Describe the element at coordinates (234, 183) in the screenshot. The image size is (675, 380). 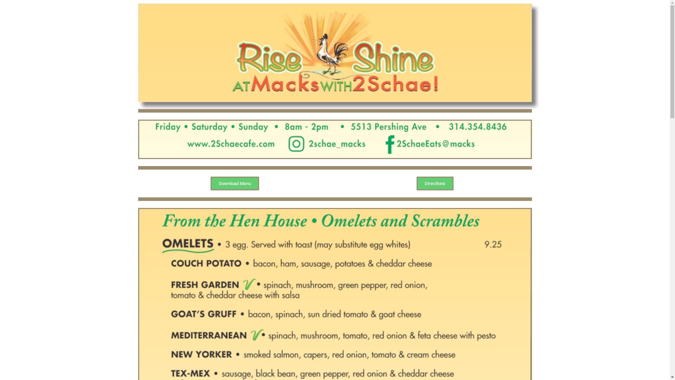
I see `'Download Menu'` at that location.